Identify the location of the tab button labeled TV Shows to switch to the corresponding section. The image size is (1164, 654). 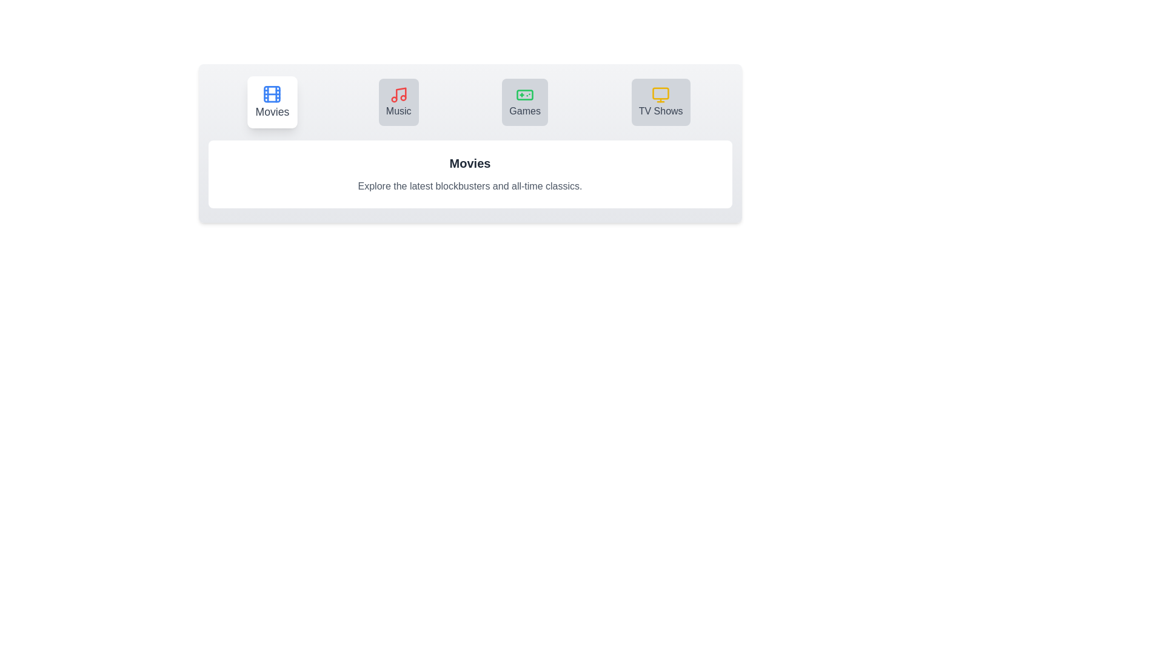
(660, 102).